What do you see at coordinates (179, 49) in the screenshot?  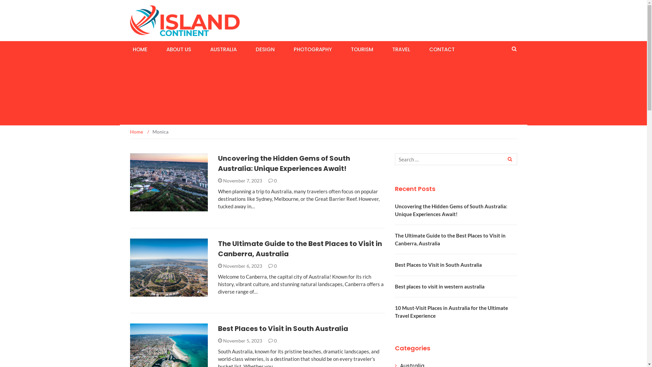 I see `'ABOUT US'` at bounding box center [179, 49].